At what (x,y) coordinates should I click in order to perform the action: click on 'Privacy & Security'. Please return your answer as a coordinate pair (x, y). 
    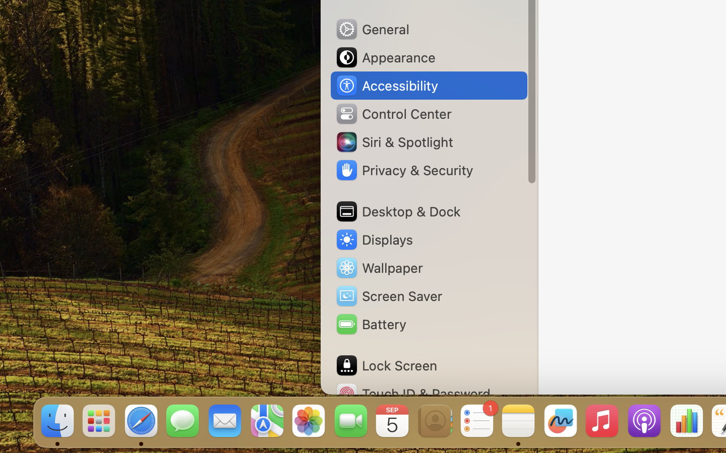
    Looking at the image, I should click on (404, 170).